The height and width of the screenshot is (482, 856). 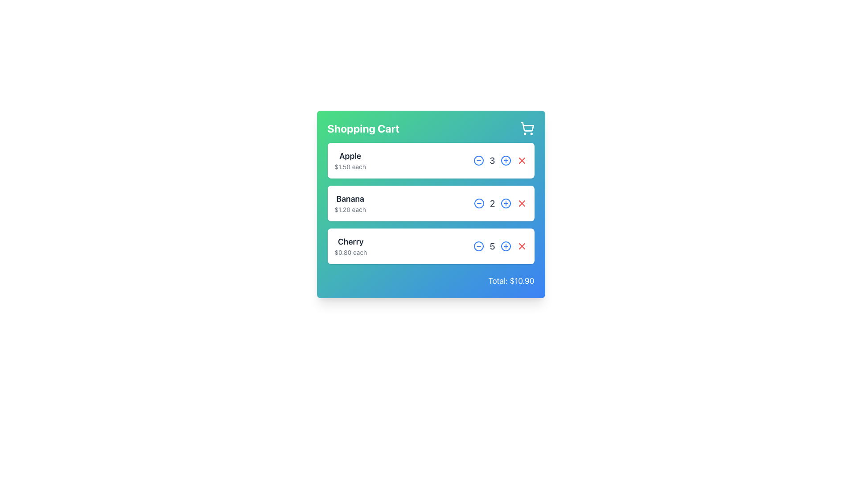 I want to click on the text label that displays the price per unit of the 'Apple' item in the shopping cart, located directly below the 'Apple' label, so click(x=350, y=167).